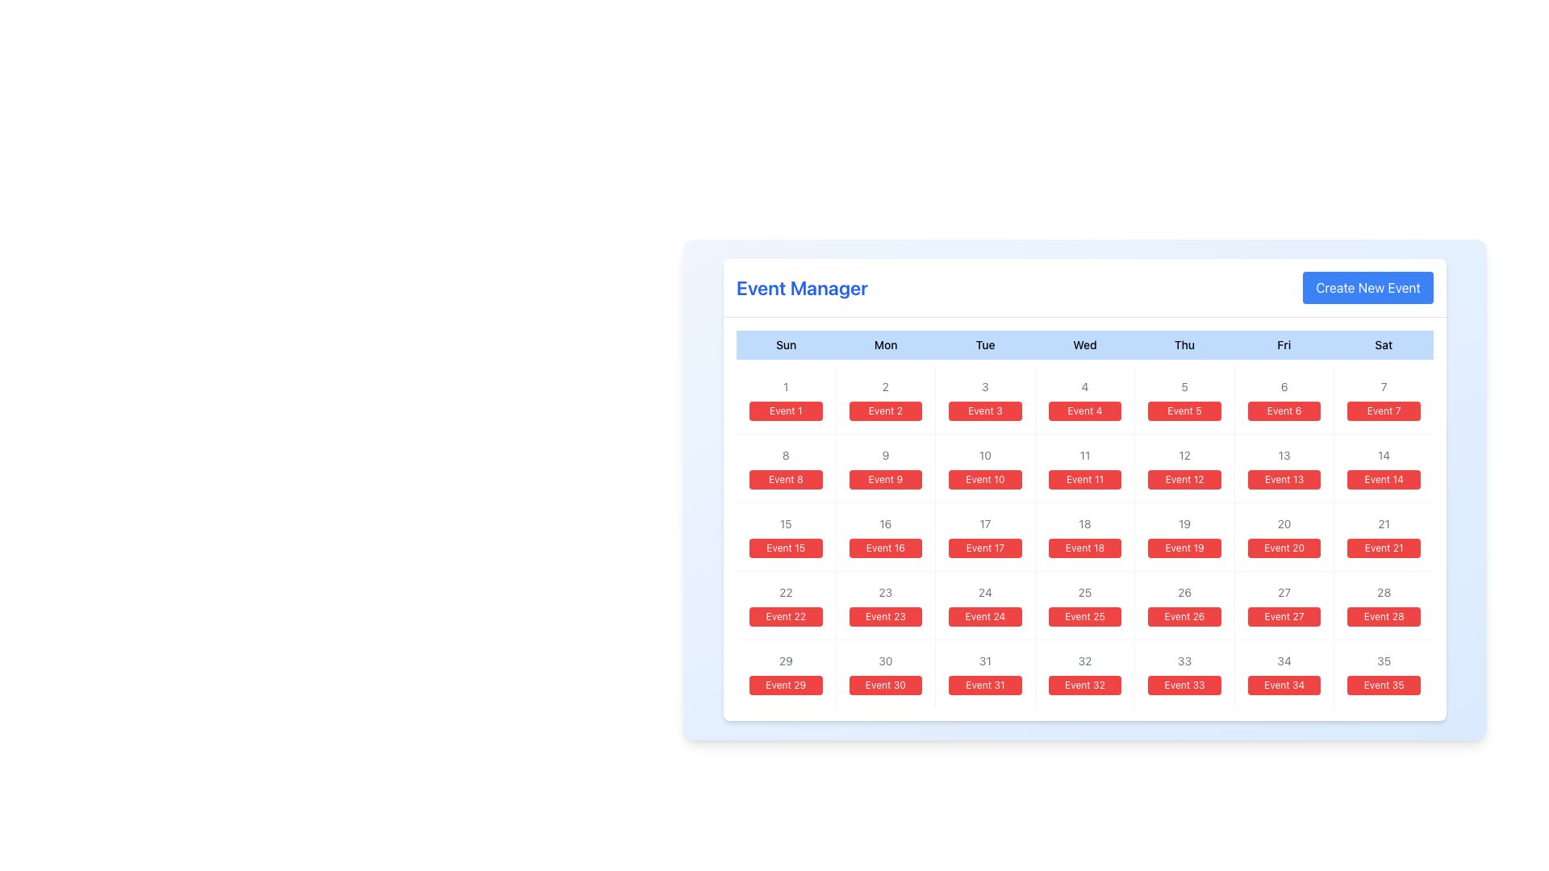 This screenshot has width=1549, height=871. Describe the element at coordinates (1084, 593) in the screenshot. I see `the text label displaying the number '25' in light gray font, located above the red button labeled 'Event 25' in the calendar grid under the 'Wed' column` at that location.